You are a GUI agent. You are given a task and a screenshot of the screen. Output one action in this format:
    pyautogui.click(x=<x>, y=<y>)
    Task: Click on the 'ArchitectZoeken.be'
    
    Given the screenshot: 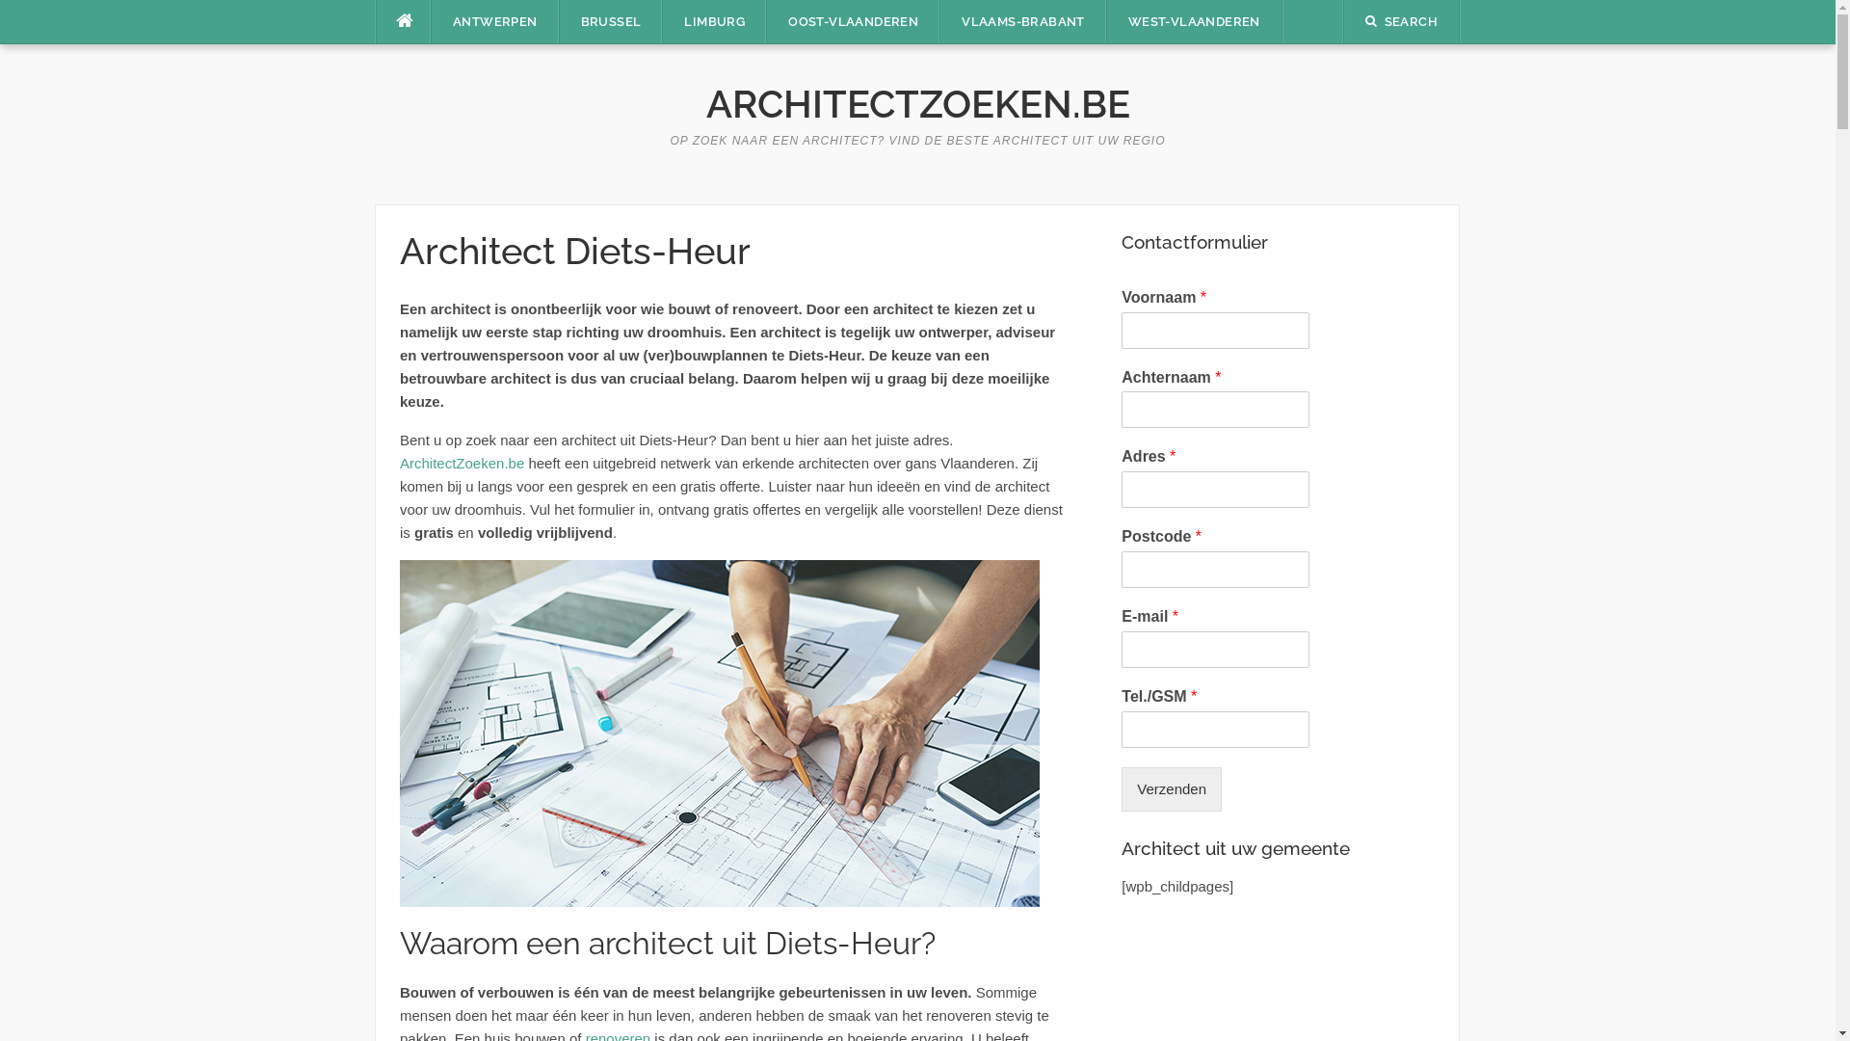 What is the action you would take?
    pyautogui.click(x=461, y=463)
    